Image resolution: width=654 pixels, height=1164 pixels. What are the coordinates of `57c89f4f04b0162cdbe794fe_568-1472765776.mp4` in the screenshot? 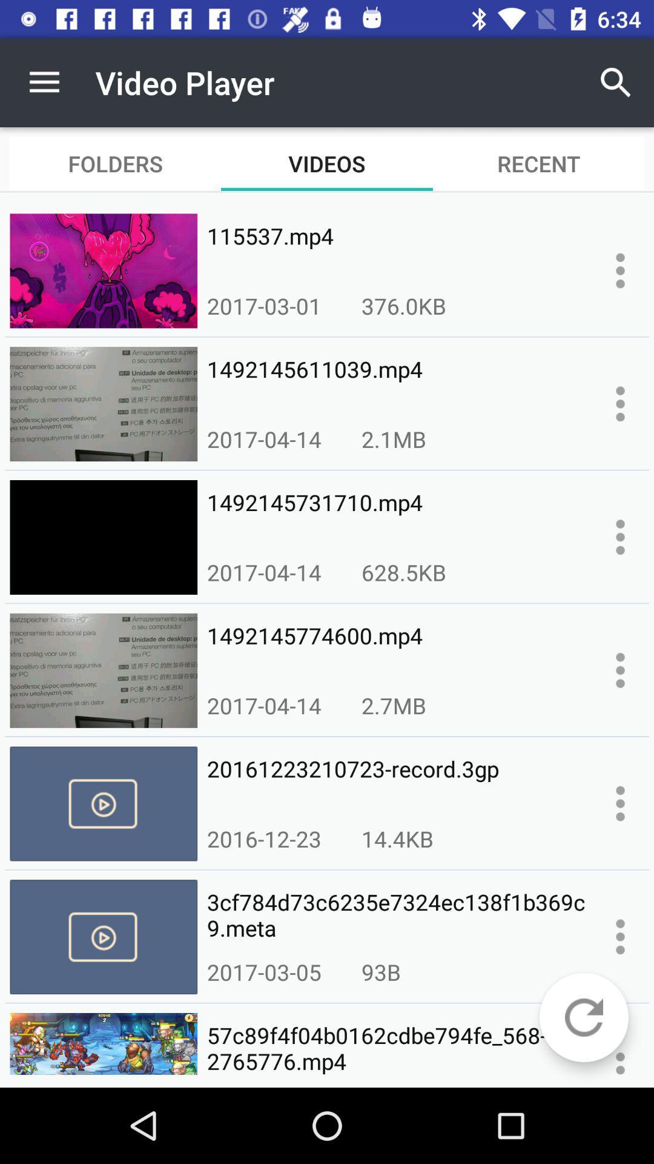 It's located at (397, 1048).